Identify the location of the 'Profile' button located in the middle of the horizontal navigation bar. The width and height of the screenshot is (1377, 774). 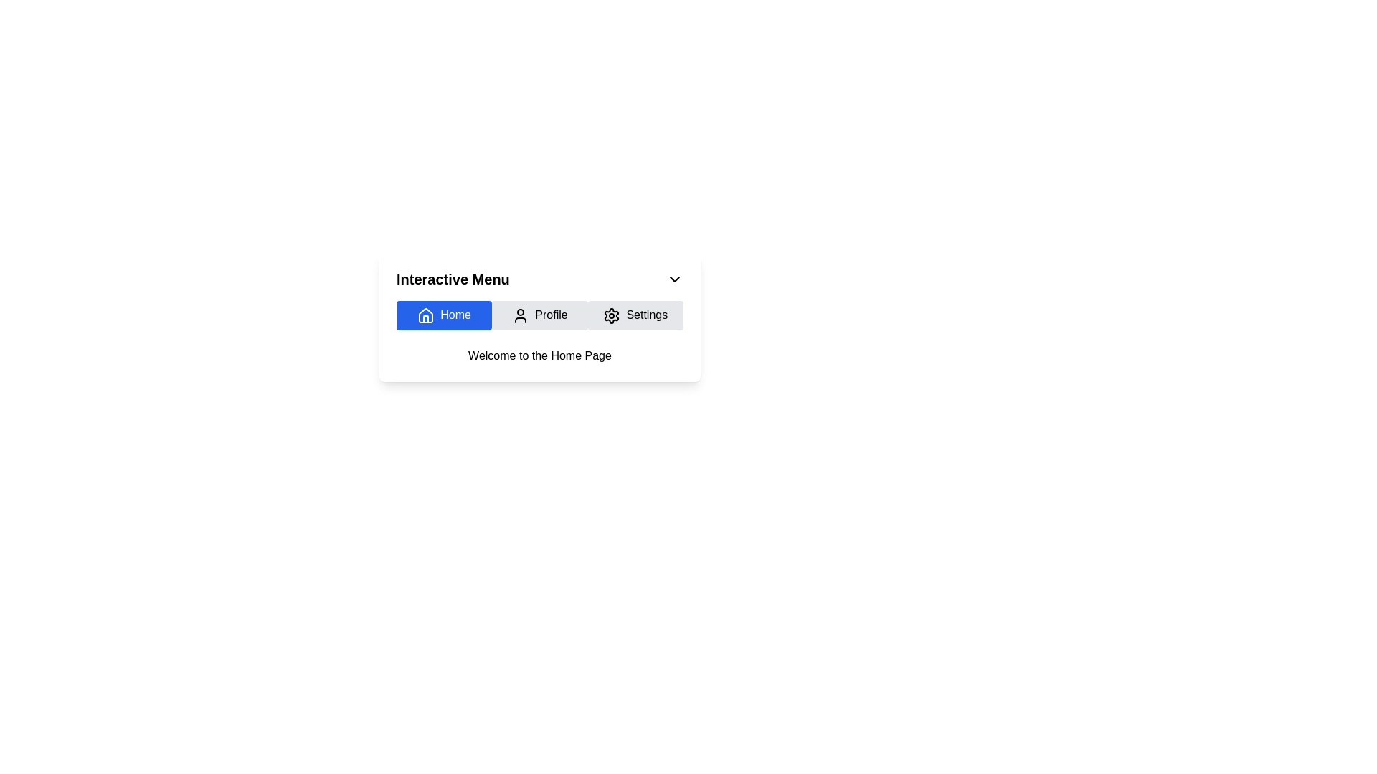
(539, 315).